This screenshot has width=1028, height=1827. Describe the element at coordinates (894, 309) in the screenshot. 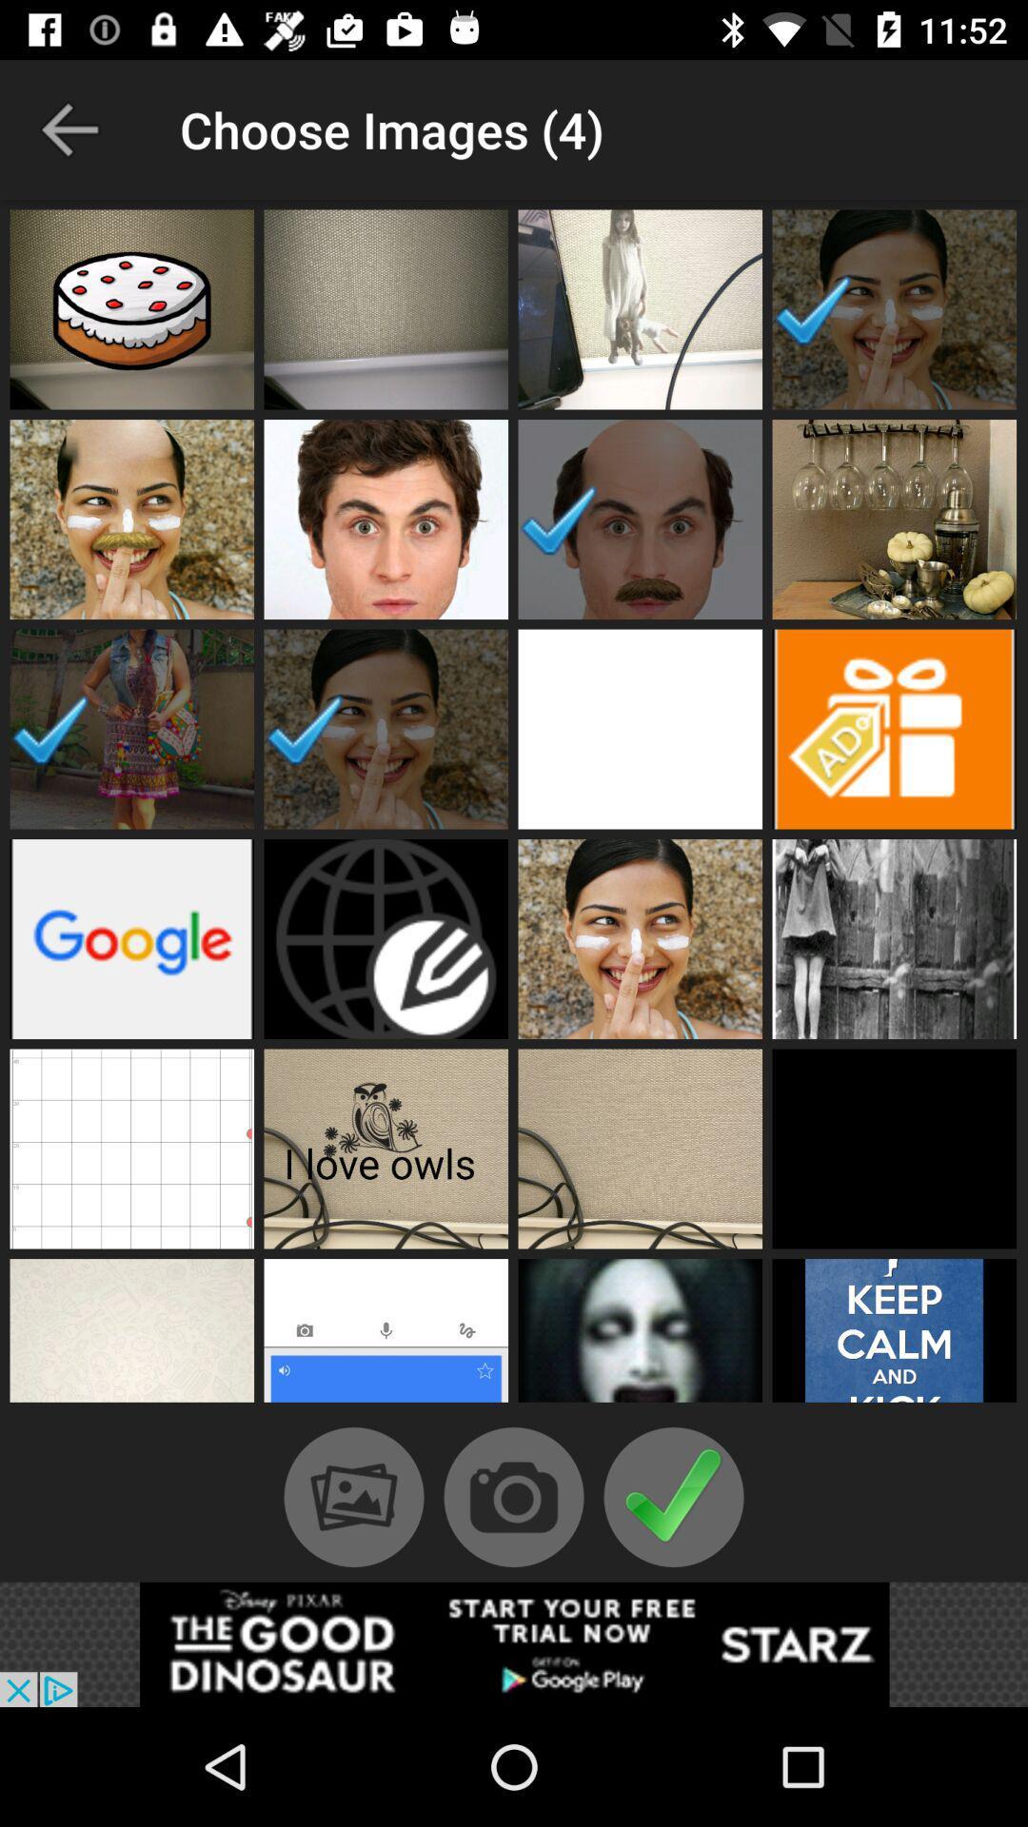

I see `image of a girl with paint on face` at that location.